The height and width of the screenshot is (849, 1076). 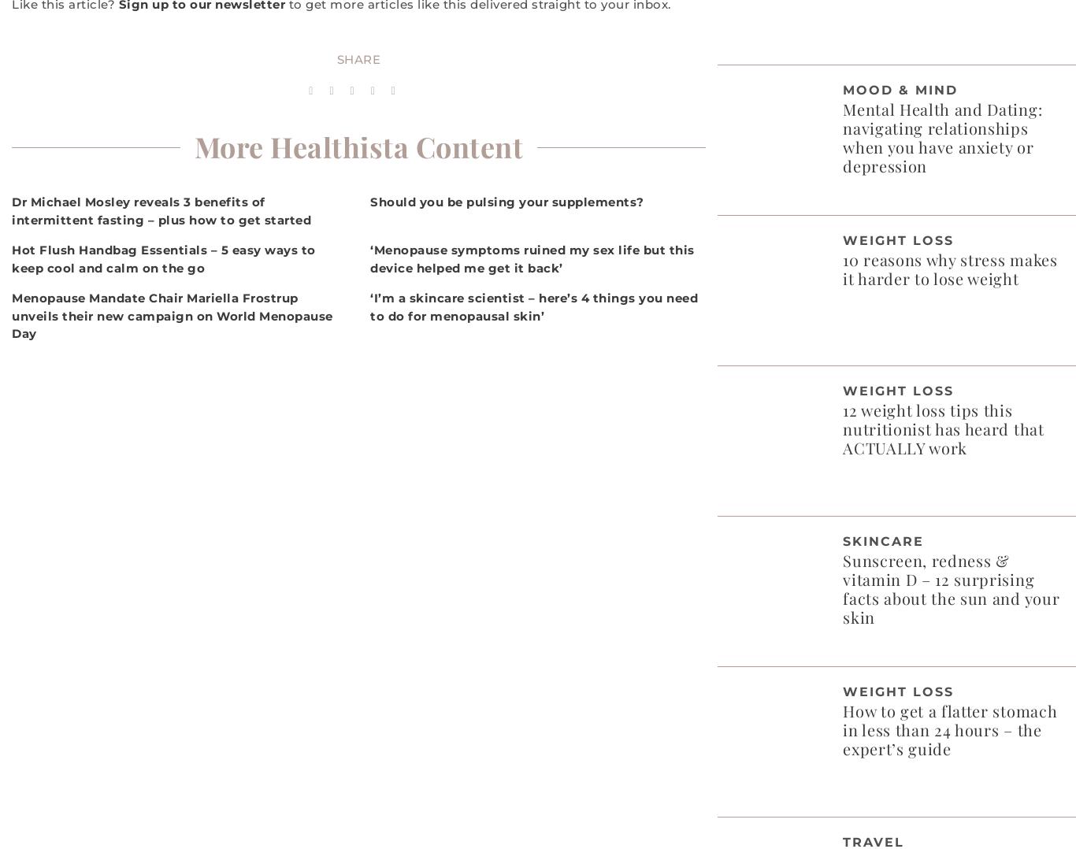 What do you see at coordinates (358, 59) in the screenshot?
I see `'SHARE'` at bounding box center [358, 59].